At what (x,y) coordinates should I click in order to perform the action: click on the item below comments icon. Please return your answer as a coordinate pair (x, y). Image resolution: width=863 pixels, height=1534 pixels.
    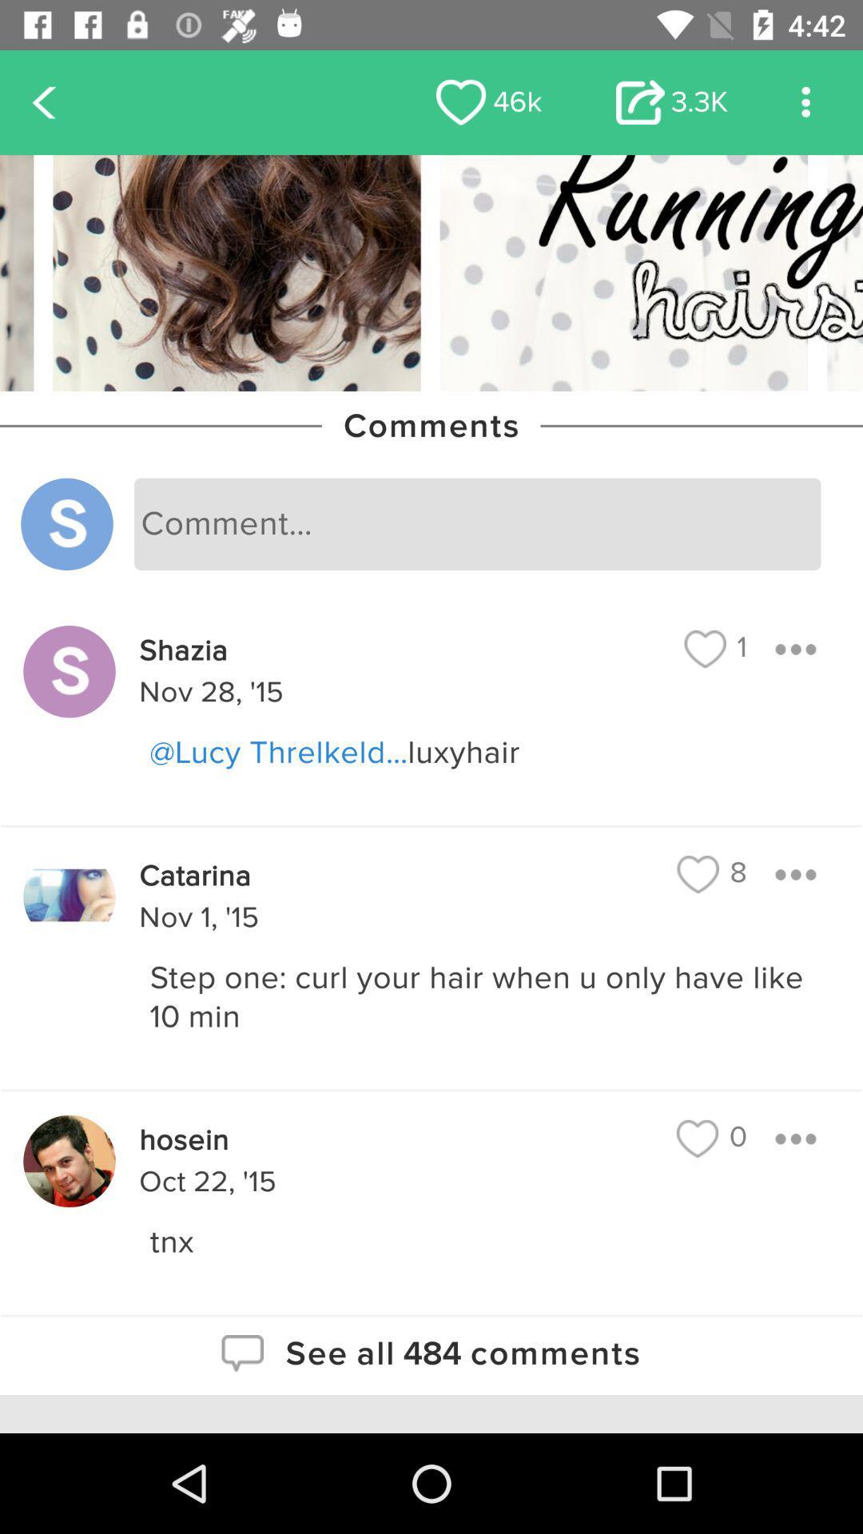
    Looking at the image, I should click on (476, 524).